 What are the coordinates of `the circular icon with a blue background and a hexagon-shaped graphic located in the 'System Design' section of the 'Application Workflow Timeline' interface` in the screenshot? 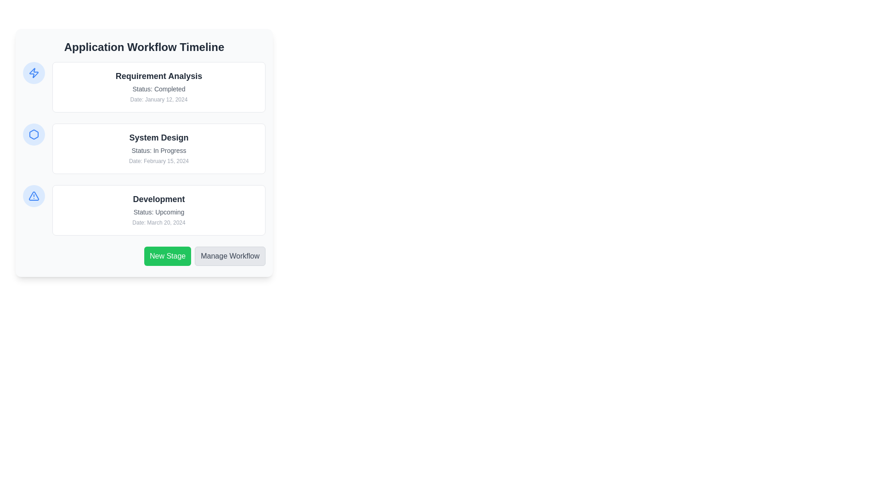 It's located at (34, 135).